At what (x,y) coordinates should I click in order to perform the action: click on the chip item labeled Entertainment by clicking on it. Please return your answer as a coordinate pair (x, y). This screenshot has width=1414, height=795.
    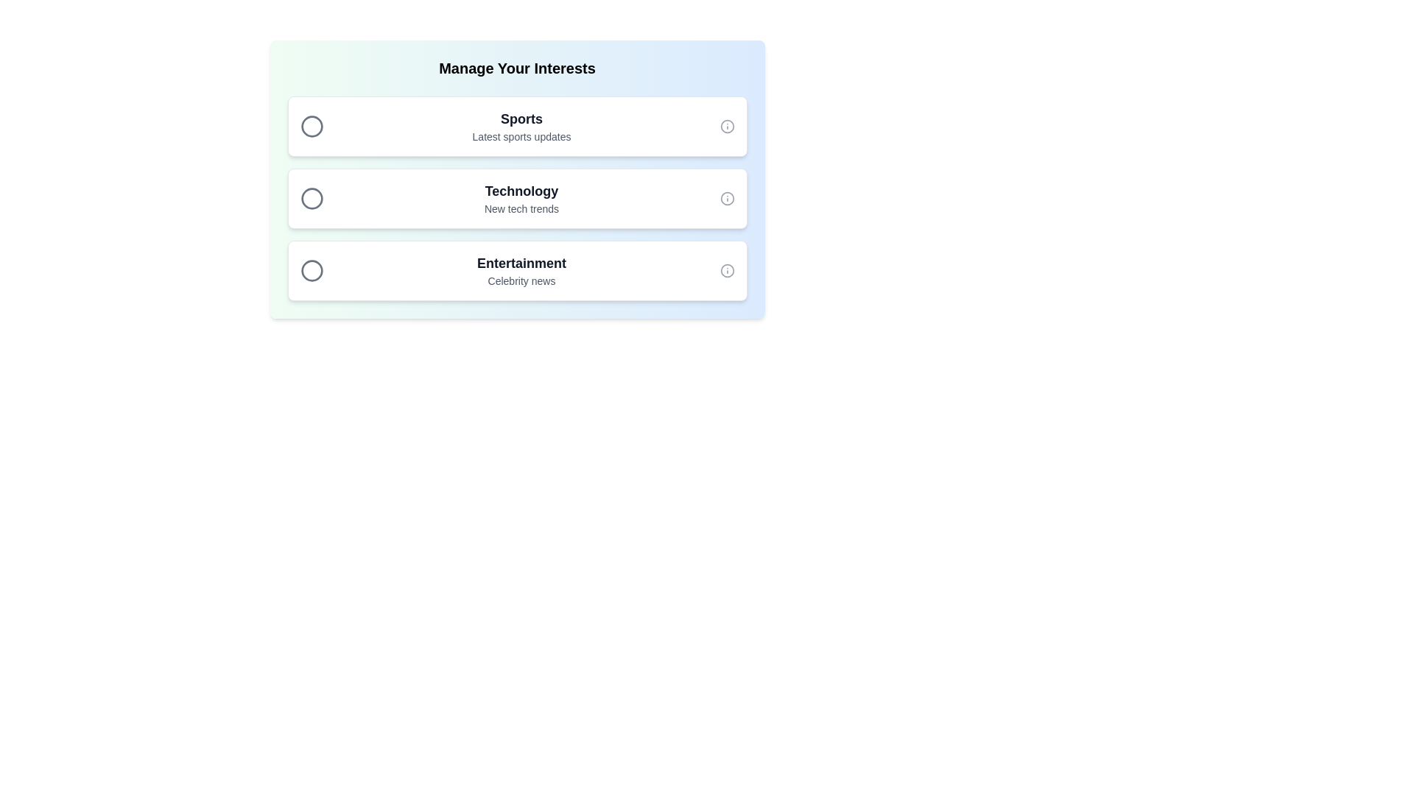
    Looking at the image, I should click on (517, 270).